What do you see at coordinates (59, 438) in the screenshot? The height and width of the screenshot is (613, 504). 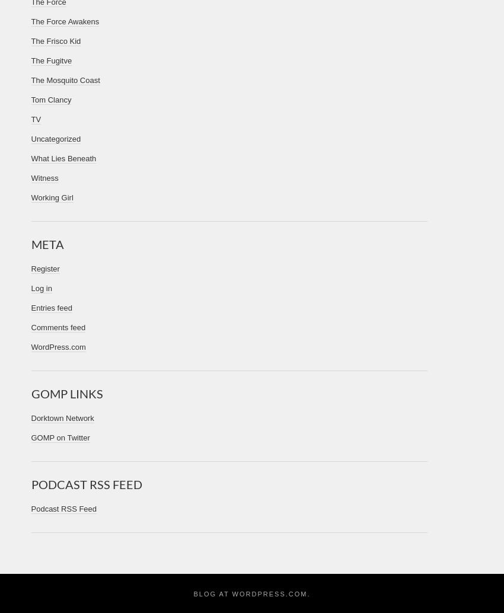 I see `'GOMP on Twitter'` at bounding box center [59, 438].